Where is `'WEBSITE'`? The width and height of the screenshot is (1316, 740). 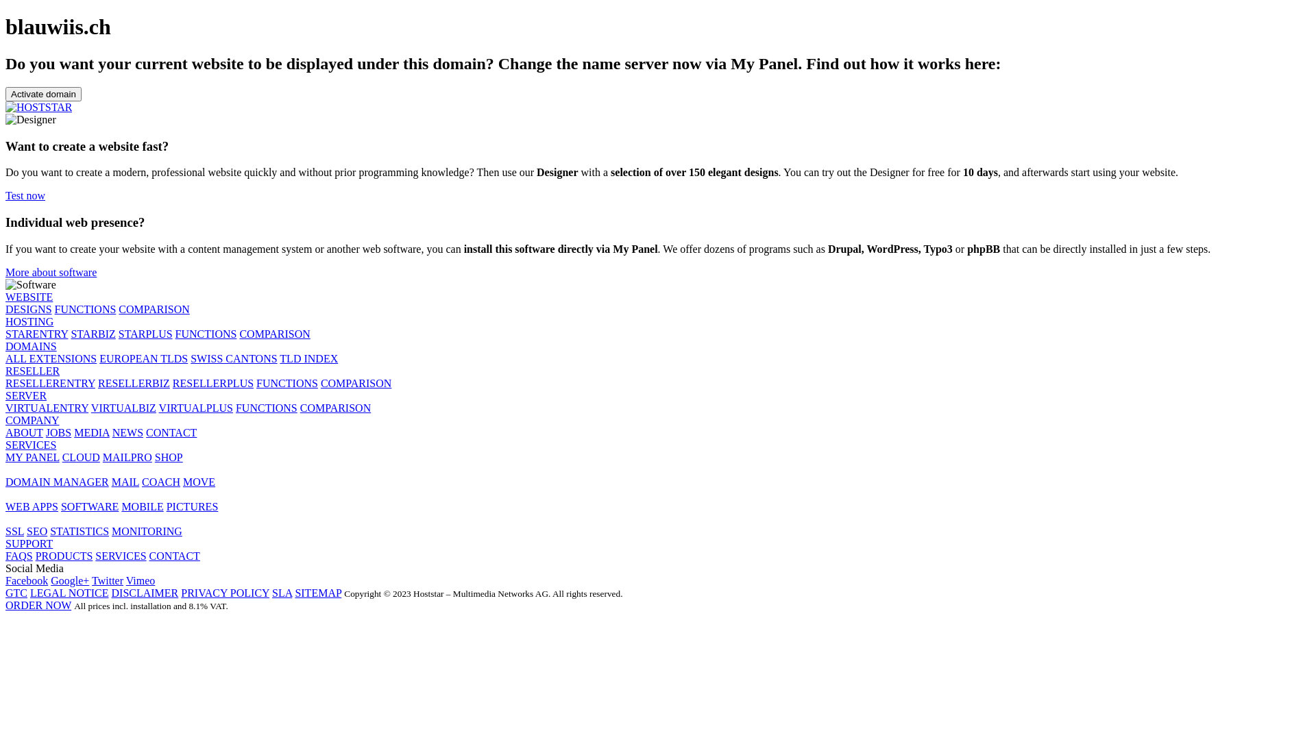 'WEBSITE' is located at coordinates (29, 296).